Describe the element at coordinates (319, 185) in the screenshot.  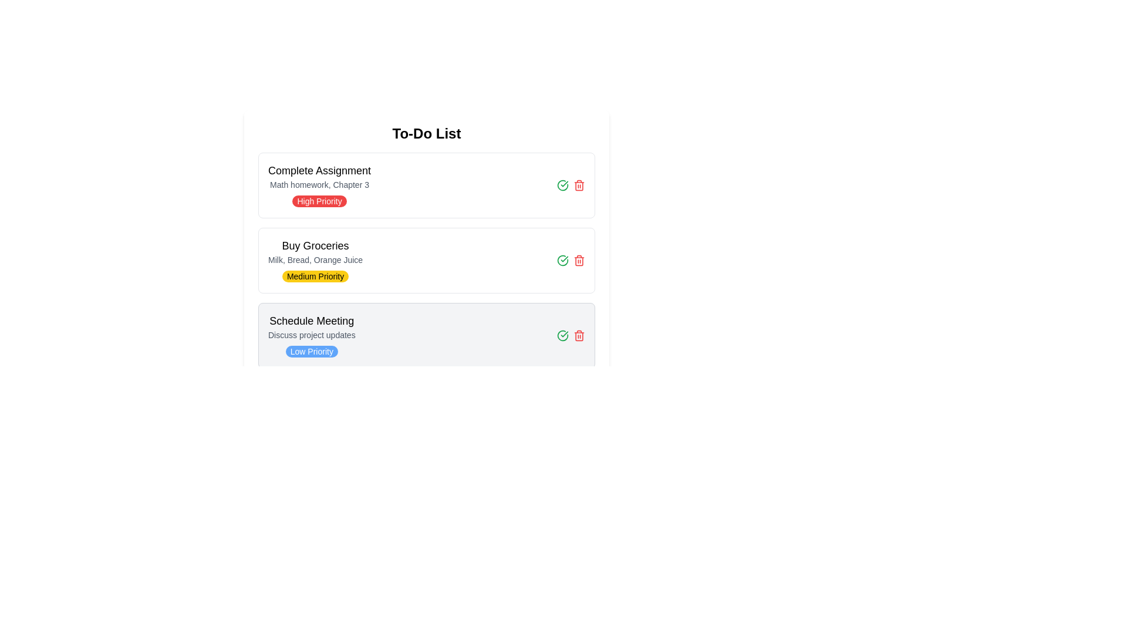
I see `the text label that describes the task 'Complete Assignment', located beneath the bold text and above the 'High Priority' label` at that location.